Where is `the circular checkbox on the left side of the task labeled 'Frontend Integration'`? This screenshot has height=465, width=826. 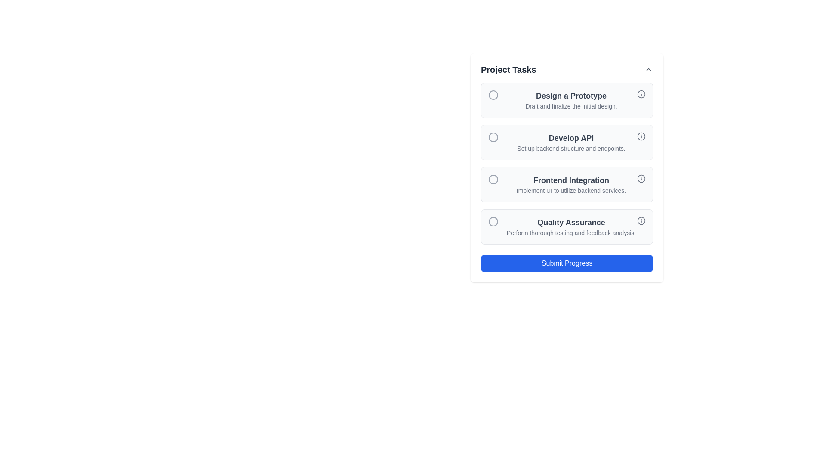 the circular checkbox on the left side of the task labeled 'Frontend Integration' is located at coordinates (567, 167).